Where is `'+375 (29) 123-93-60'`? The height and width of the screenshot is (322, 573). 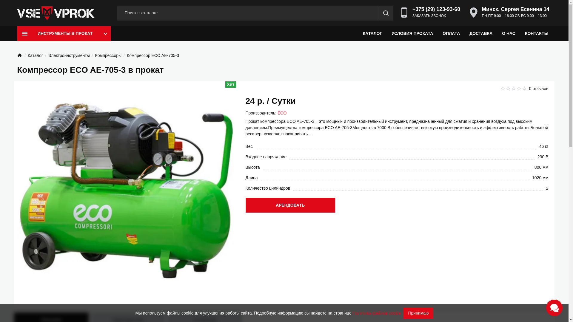 '+375 (29) 123-93-60' is located at coordinates (436, 9).